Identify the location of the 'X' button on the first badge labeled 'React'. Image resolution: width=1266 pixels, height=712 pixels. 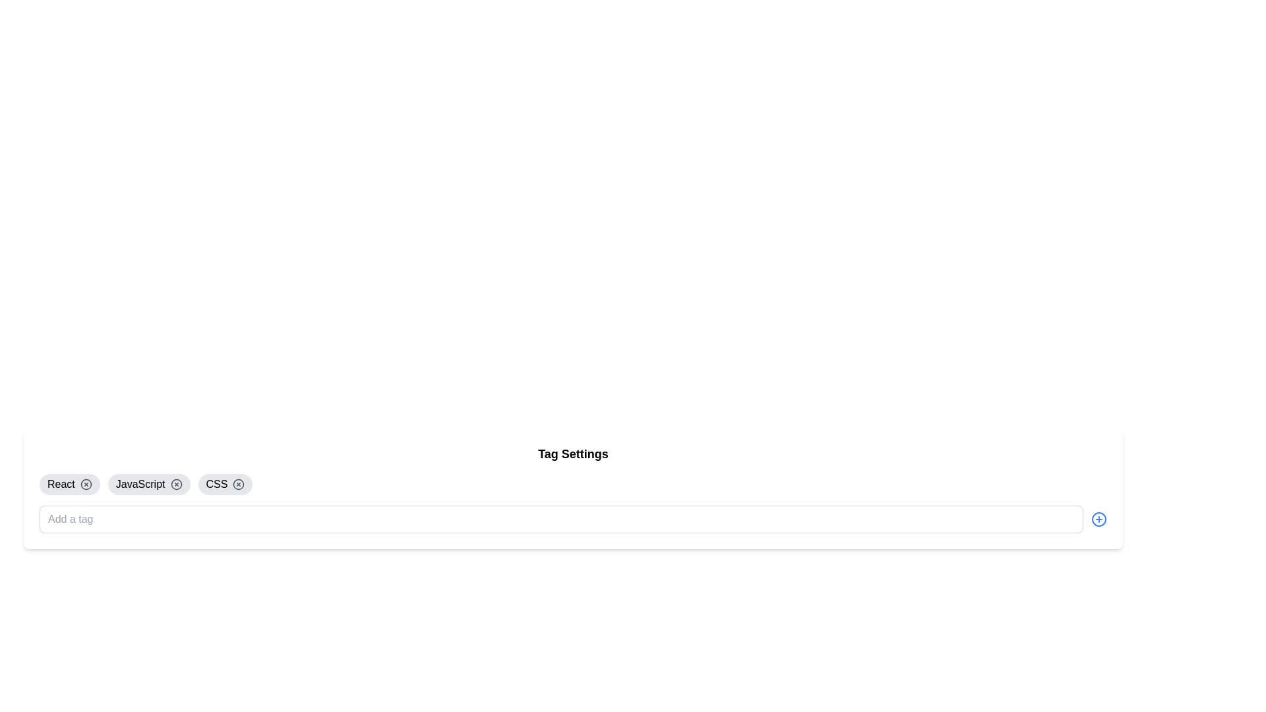
(69, 485).